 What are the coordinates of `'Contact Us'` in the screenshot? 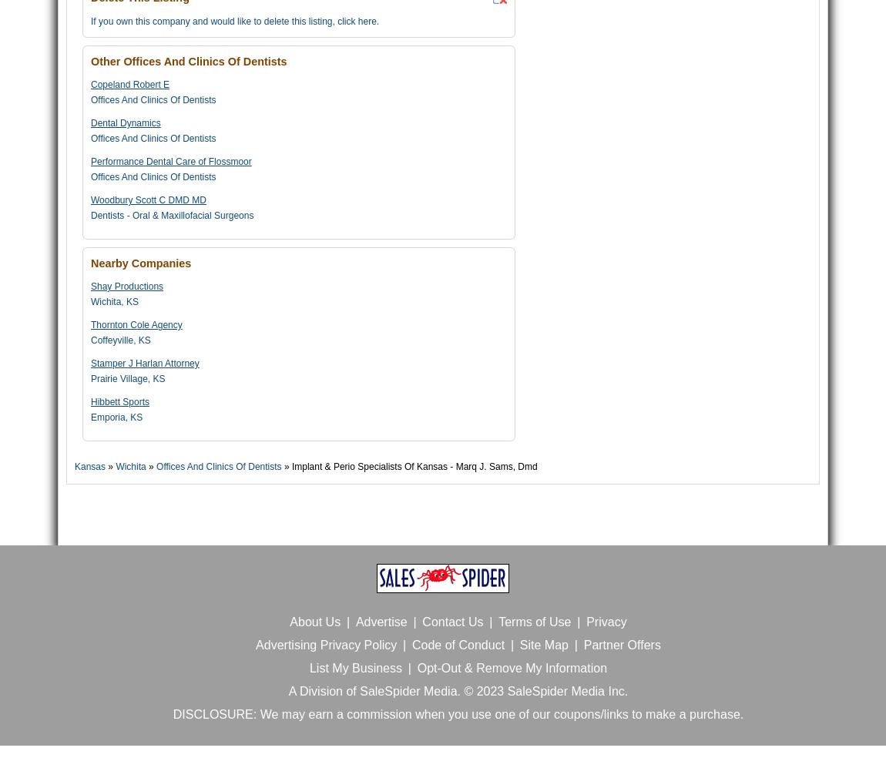 It's located at (451, 622).